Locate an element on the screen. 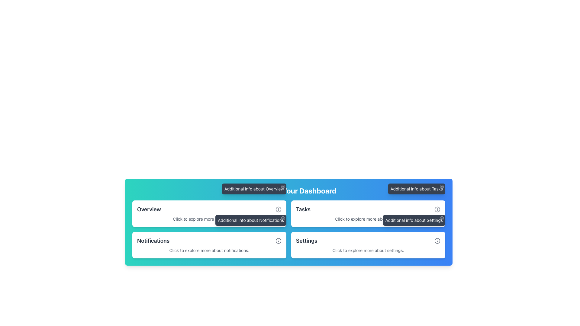 The image size is (580, 326). the heading element displaying 'Welcome to Your Dashboard' to apply accessibility tools is located at coordinates (288, 191).